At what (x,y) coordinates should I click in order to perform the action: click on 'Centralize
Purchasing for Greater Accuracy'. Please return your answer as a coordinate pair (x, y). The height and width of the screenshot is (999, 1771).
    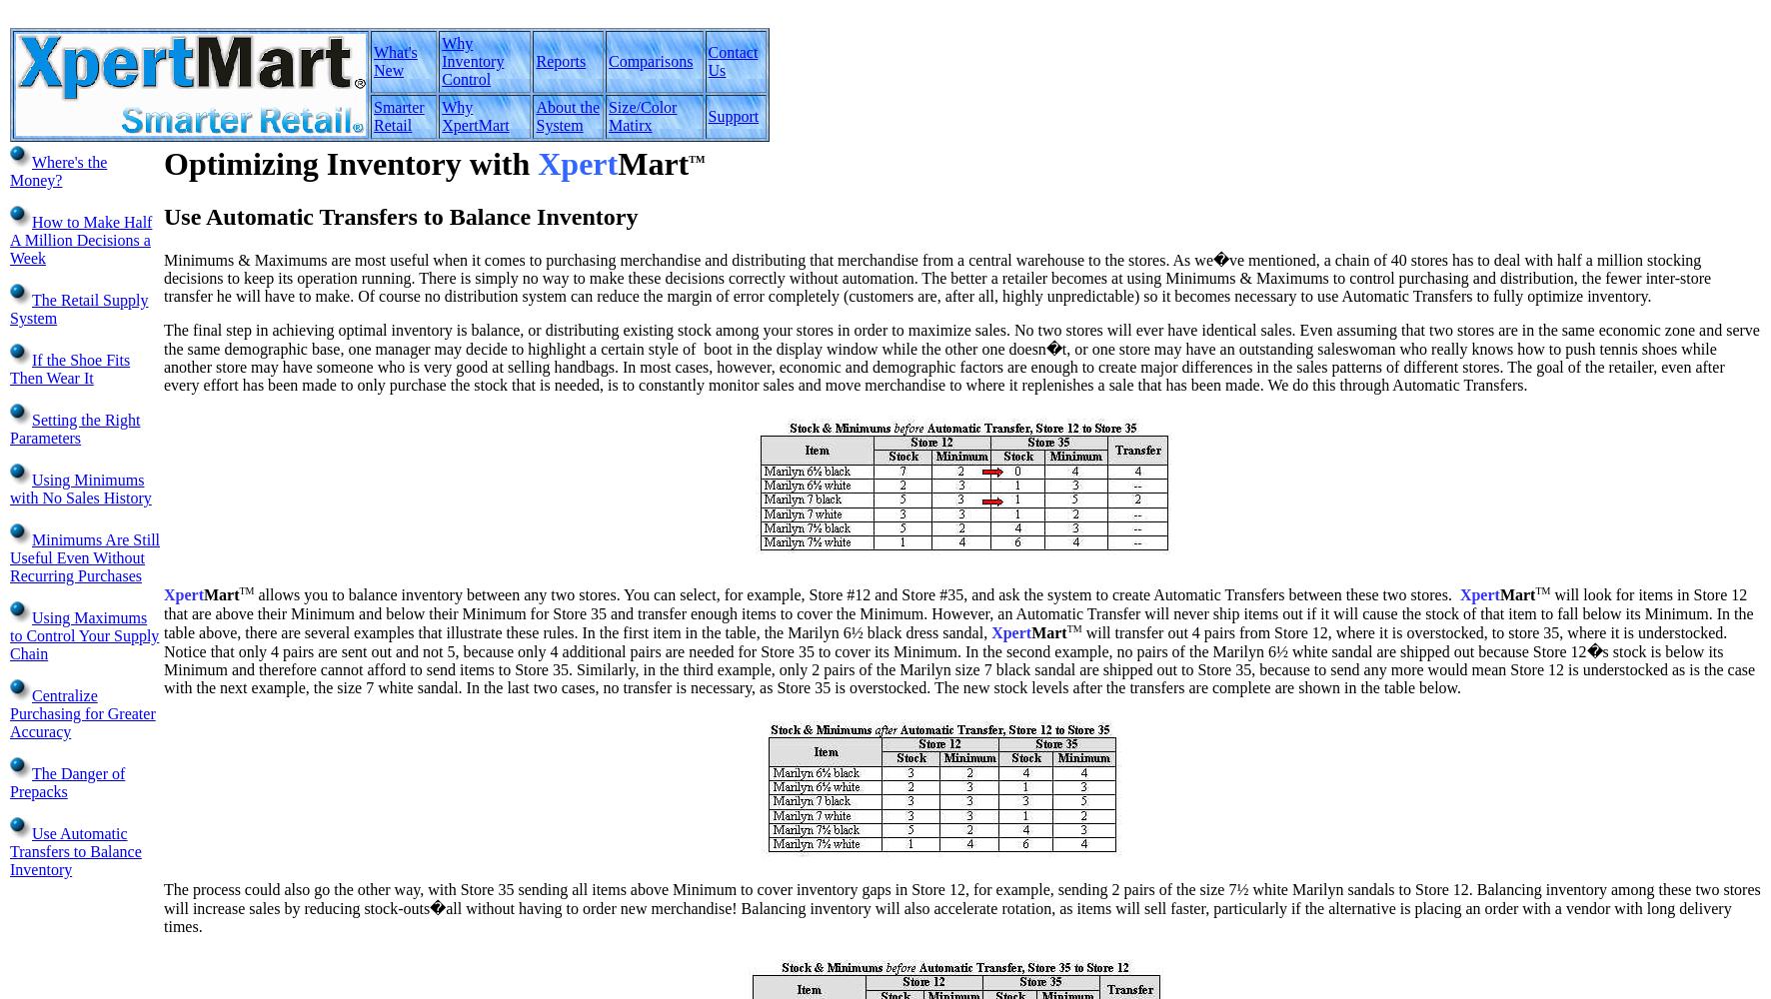
    Looking at the image, I should click on (81, 712).